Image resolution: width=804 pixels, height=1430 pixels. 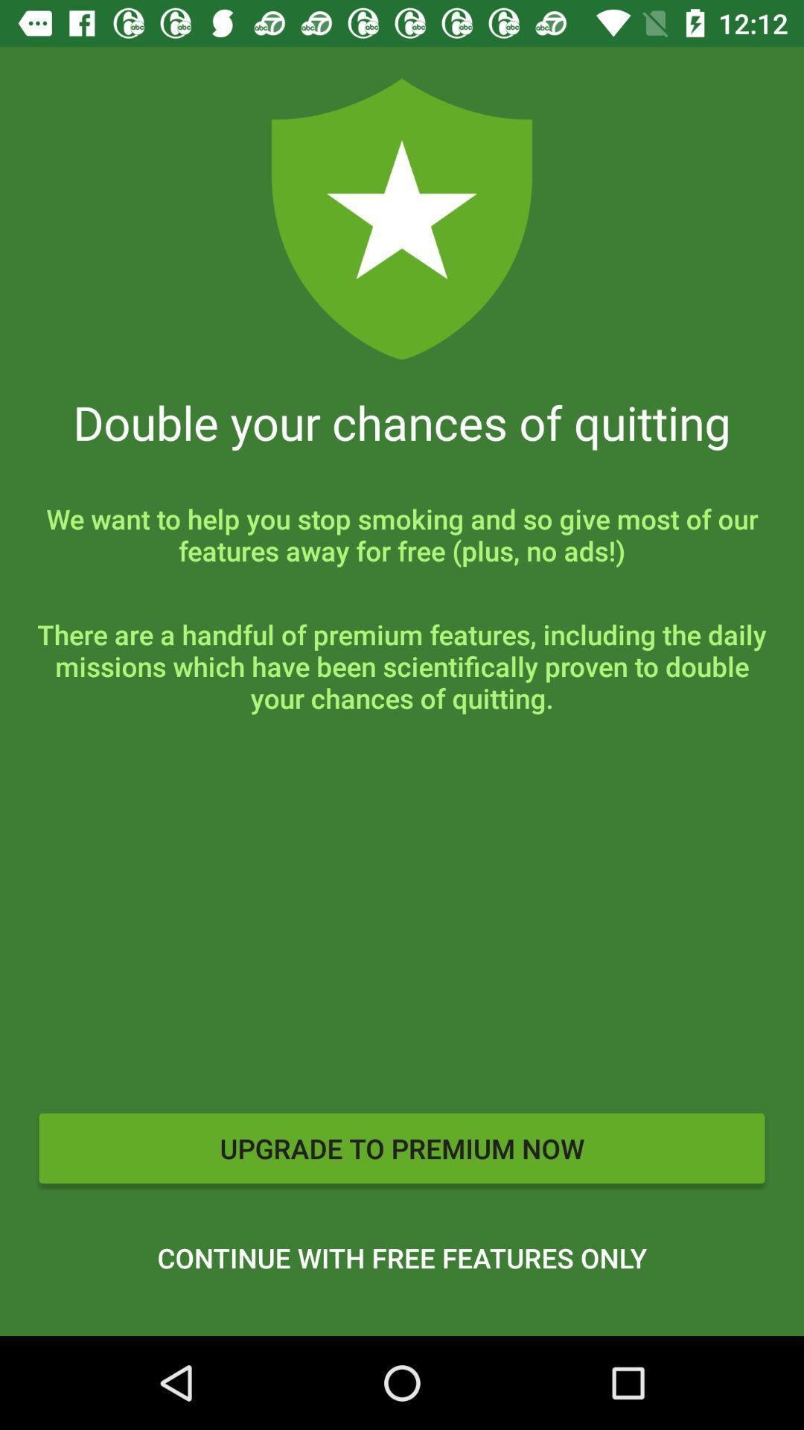 What do you see at coordinates (402, 1257) in the screenshot?
I see `continue with free icon` at bounding box center [402, 1257].